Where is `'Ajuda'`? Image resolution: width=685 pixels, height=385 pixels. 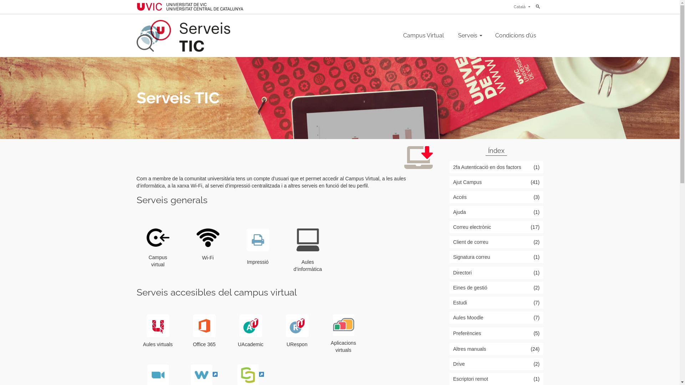
'Ajuda' is located at coordinates (496, 211).